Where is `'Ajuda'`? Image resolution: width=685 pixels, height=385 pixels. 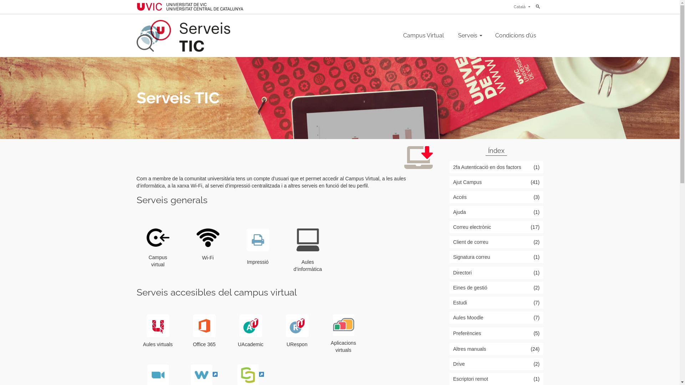
'Ajuda' is located at coordinates (496, 211).